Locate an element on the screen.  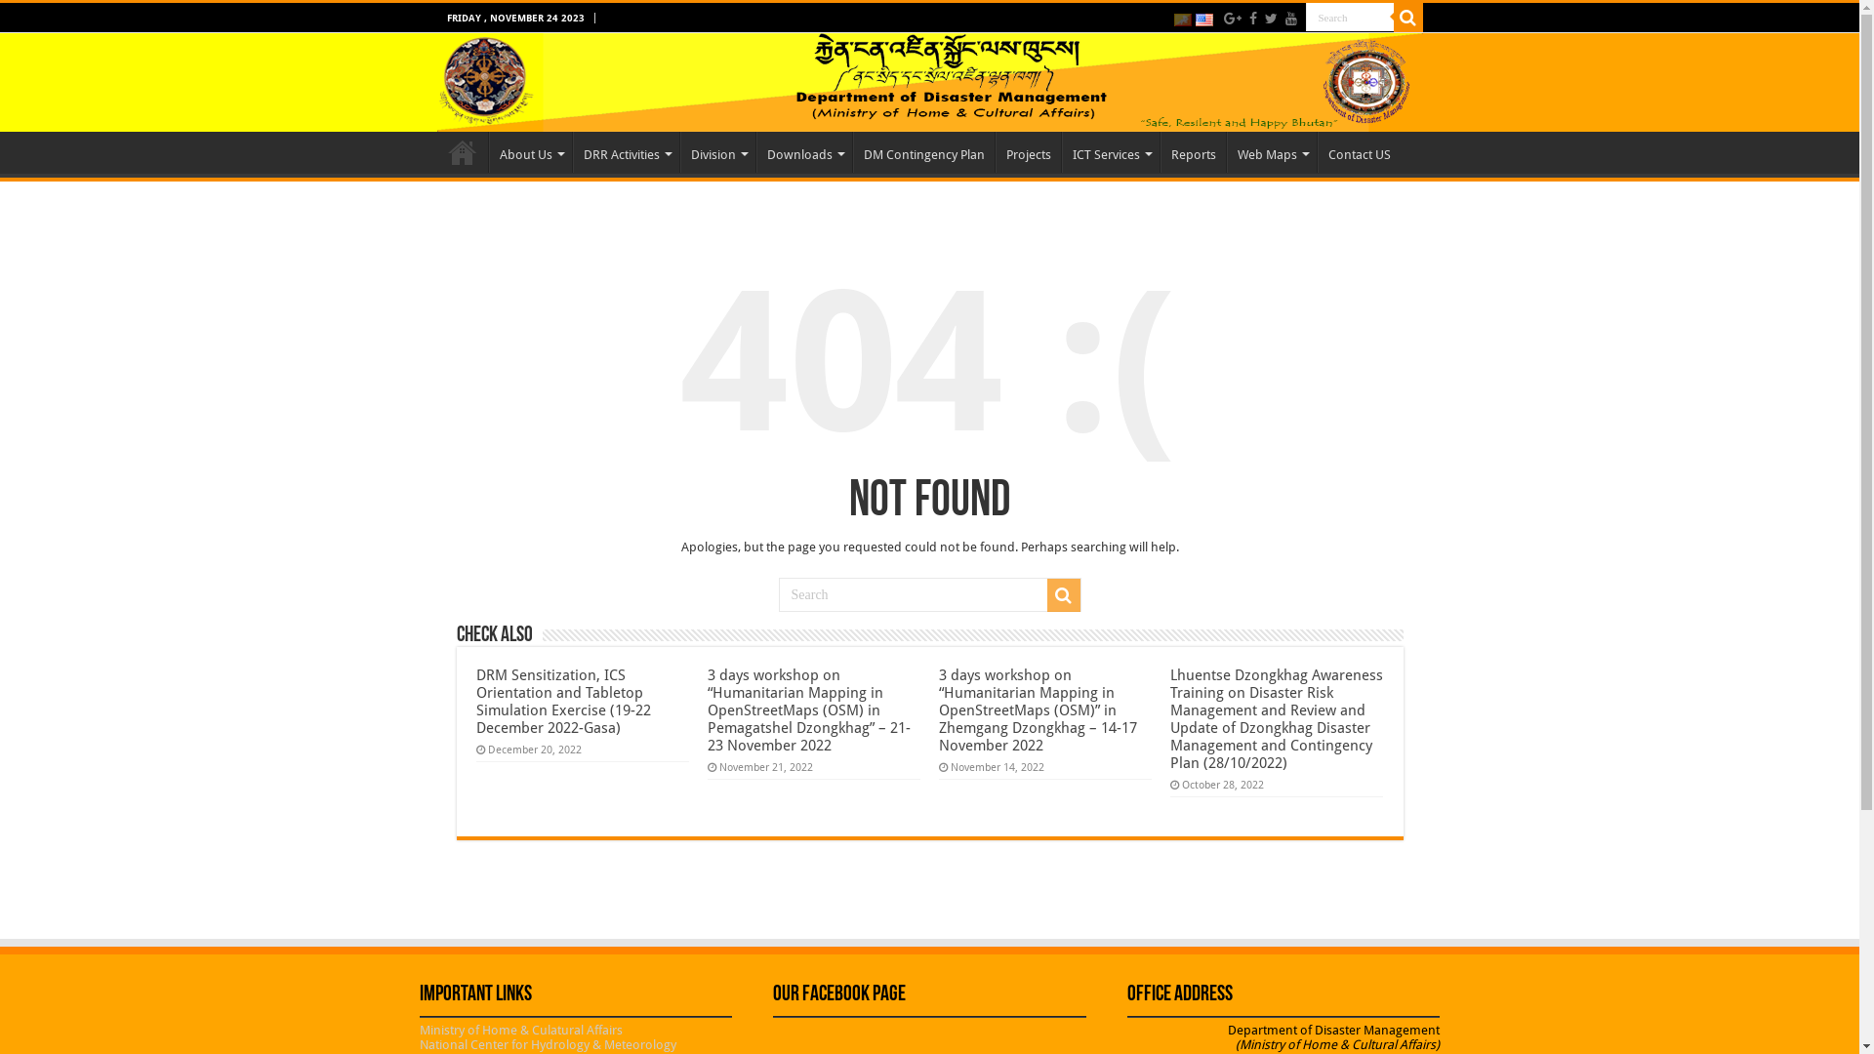
'Downloads' is located at coordinates (802, 150).